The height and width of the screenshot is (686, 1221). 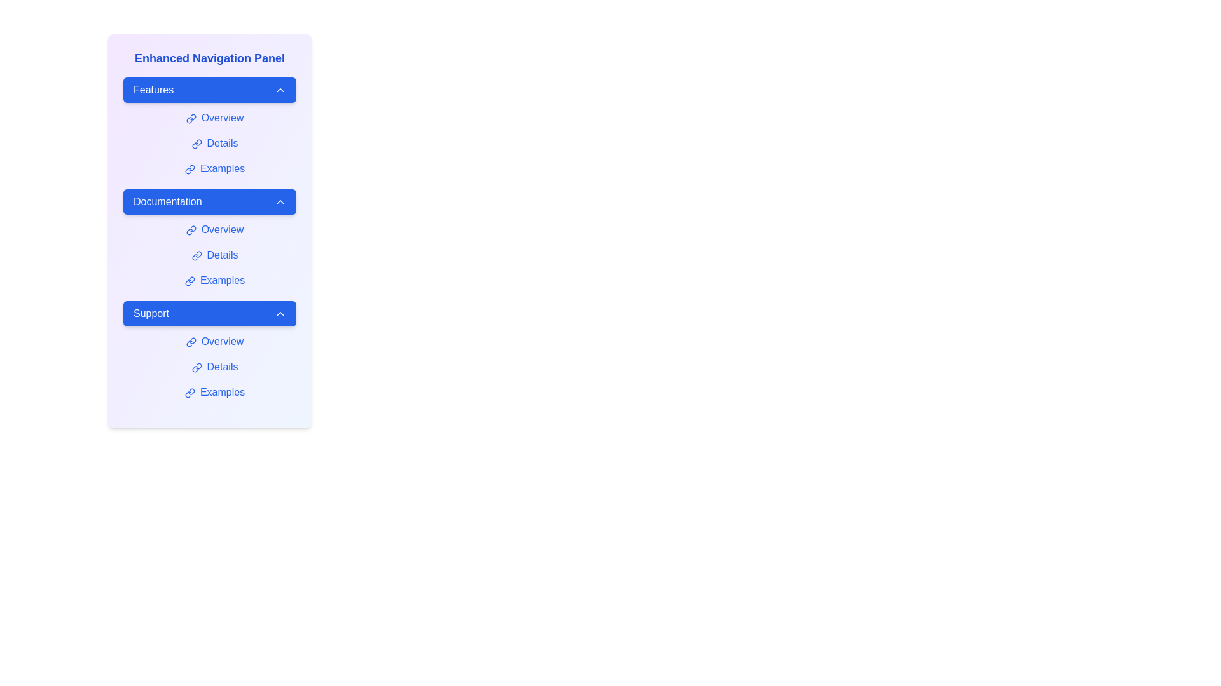 I want to click on the bottom portion of the link icon located next to the 'Details' label under the 'Features' section in the navigation panel, so click(x=194, y=145).